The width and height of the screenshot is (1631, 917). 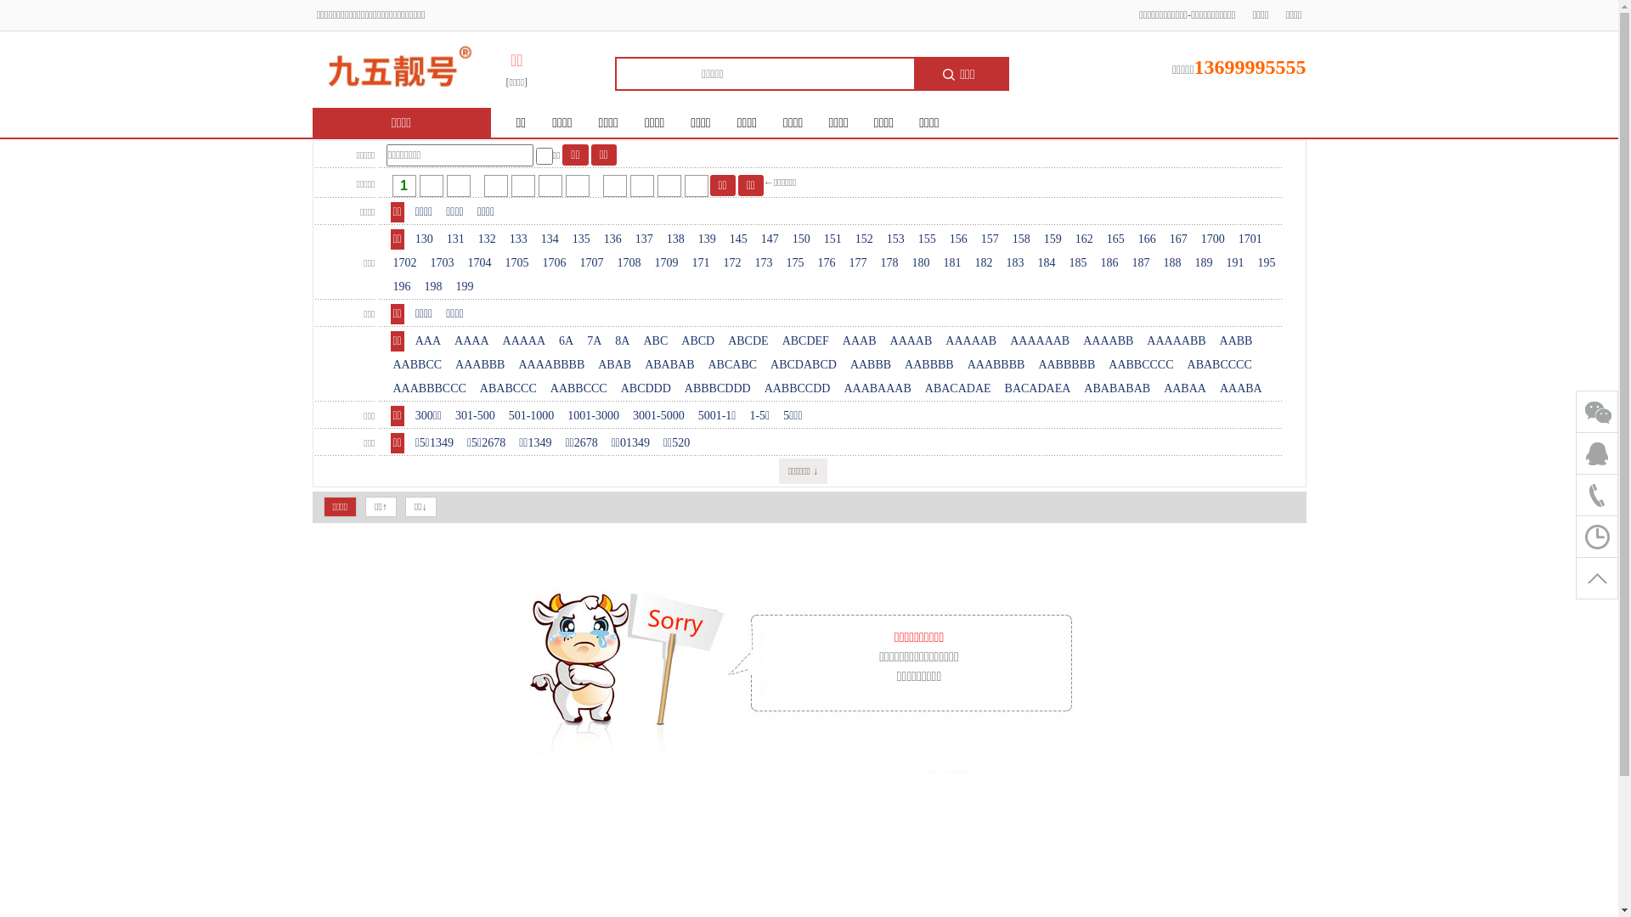 I want to click on 'ABCDDD', so click(x=645, y=389).